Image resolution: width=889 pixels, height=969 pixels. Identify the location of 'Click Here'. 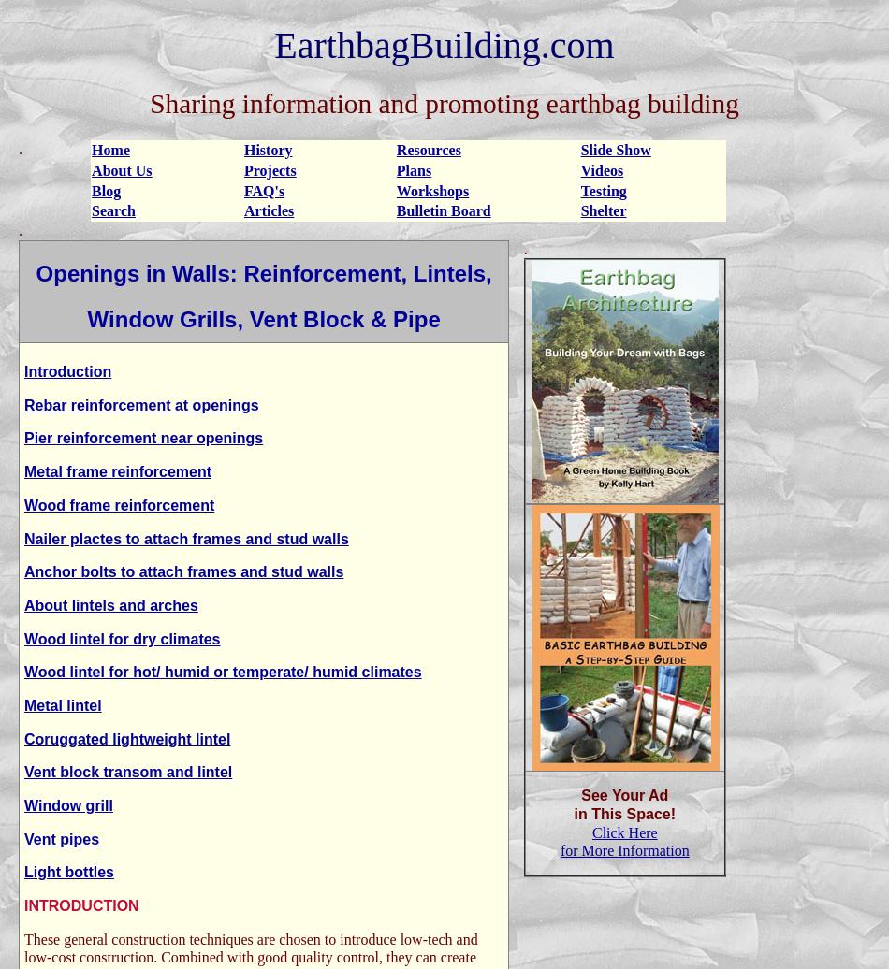
(591, 832).